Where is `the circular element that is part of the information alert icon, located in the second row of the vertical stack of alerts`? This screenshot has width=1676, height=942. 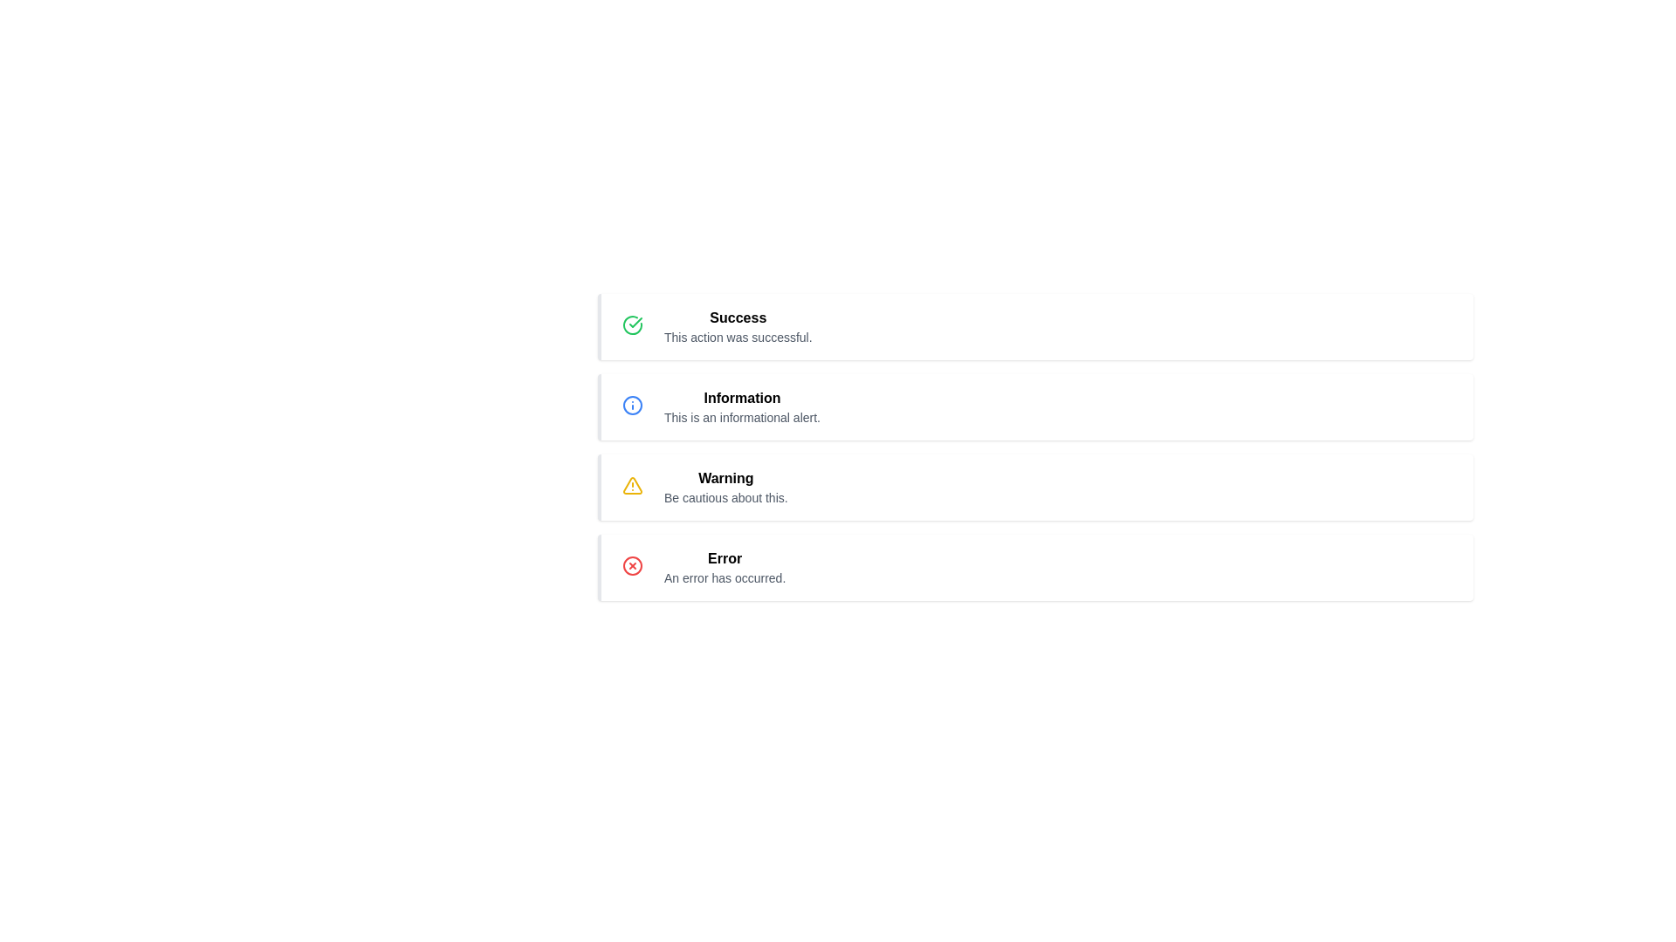 the circular element that is part of the information alert icon, located in the second row of the vertical stack of alerts is located at coordinates (631, 406).